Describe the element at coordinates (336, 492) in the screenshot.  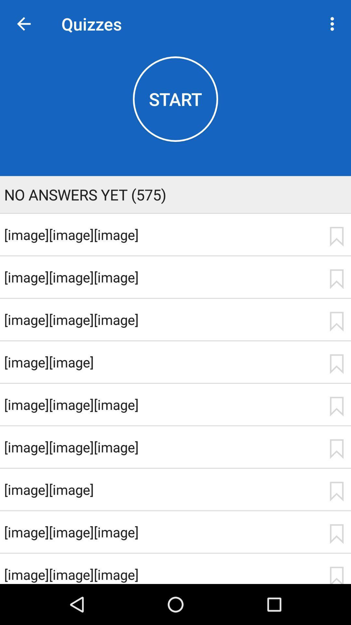
I see `select/unselect notification` at that location.